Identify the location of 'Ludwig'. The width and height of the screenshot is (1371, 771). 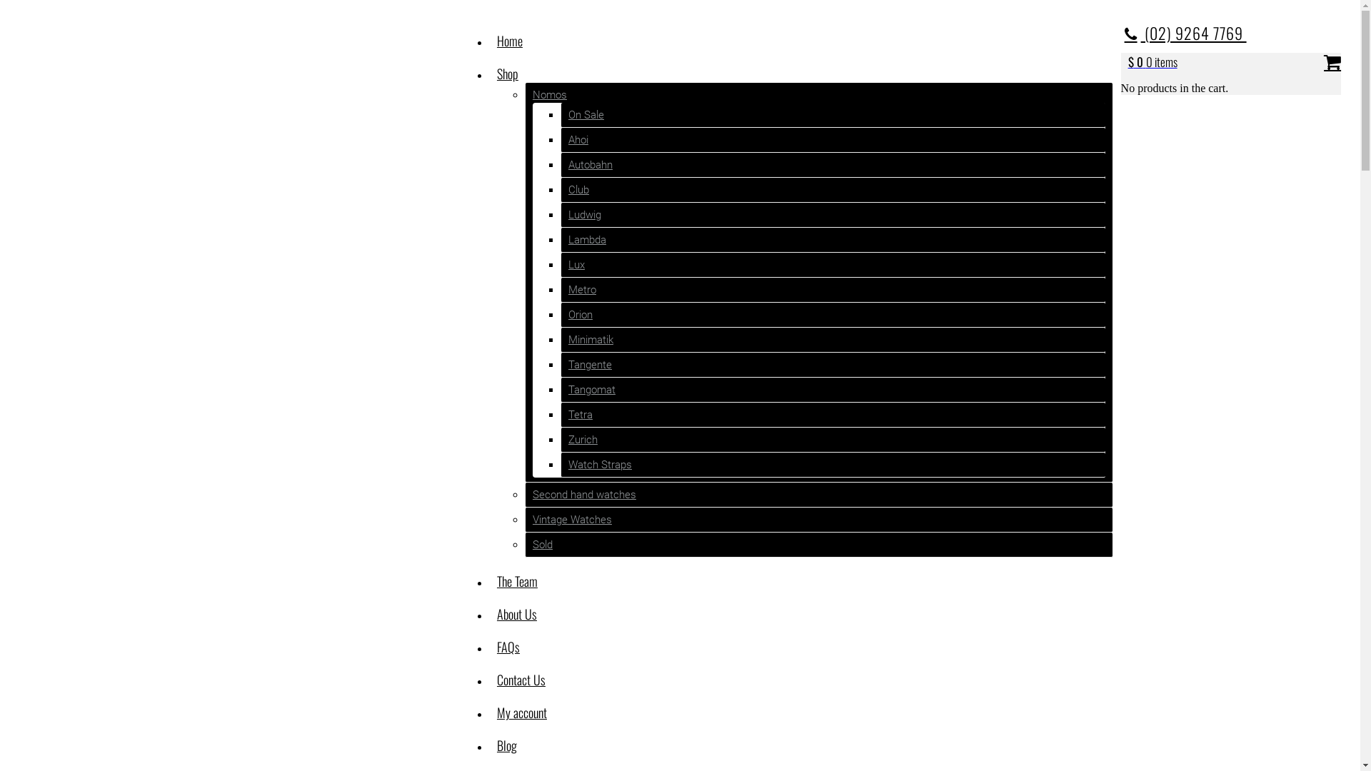
(585, 214).